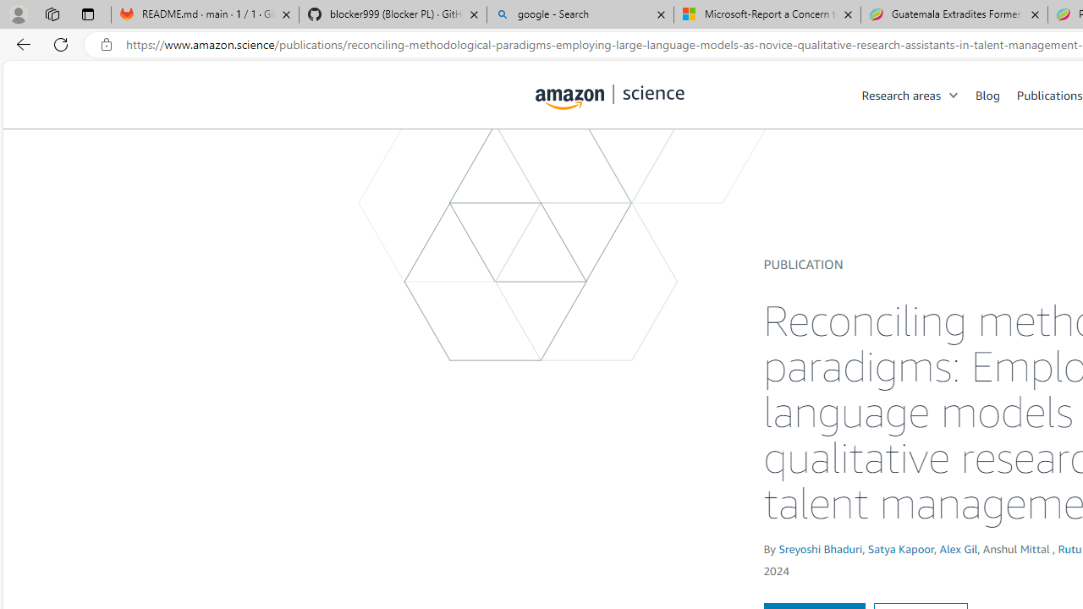  I want to click on 'home page', so click(609, 93).